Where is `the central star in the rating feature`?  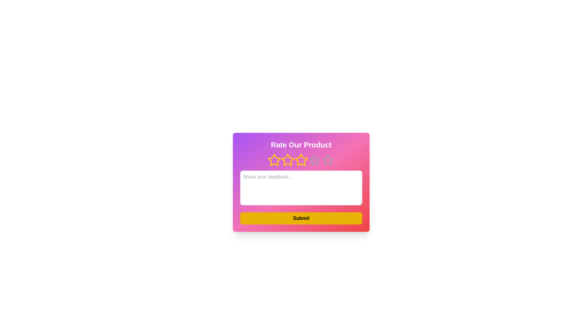 the central star in the rating feature is located at coordinates (287, 160).